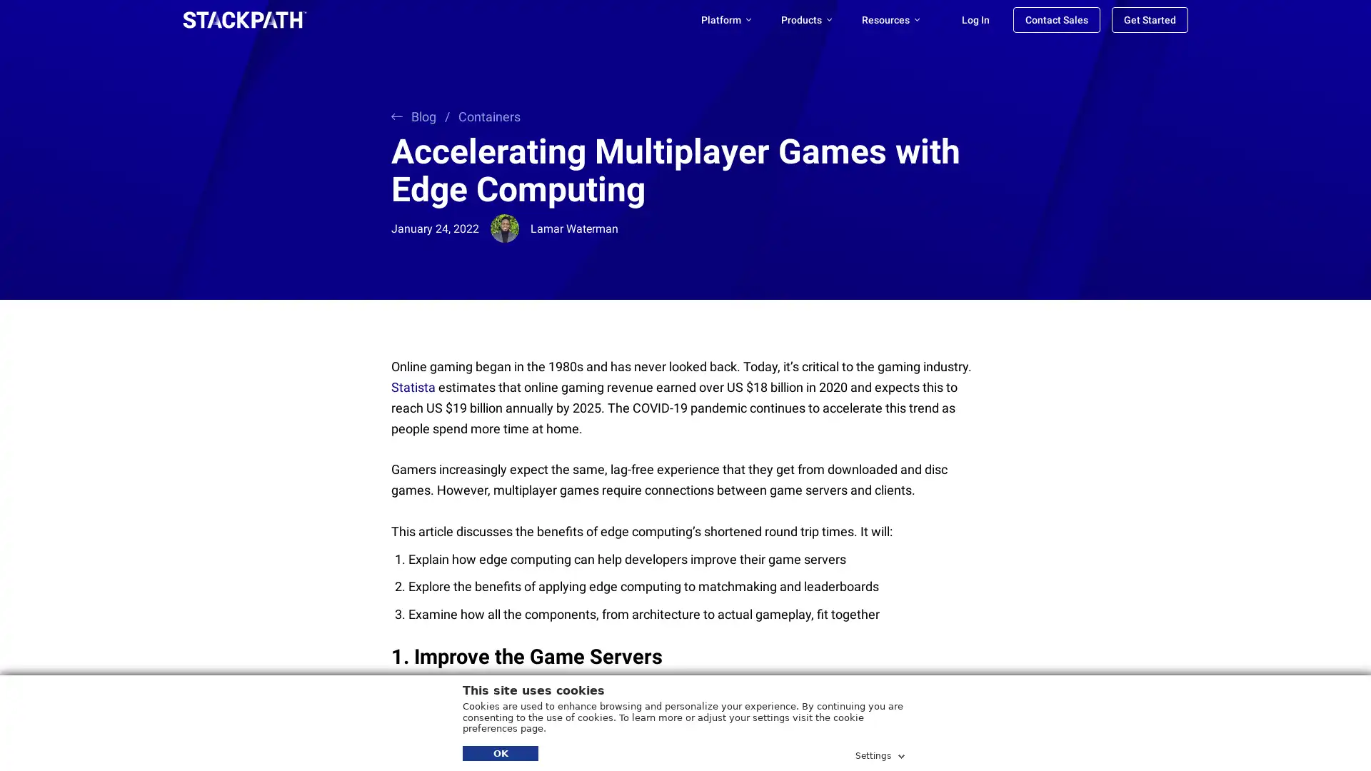 The width and height of the screenshot is (1371, 771). I want to click on Products, so click(806, 19).